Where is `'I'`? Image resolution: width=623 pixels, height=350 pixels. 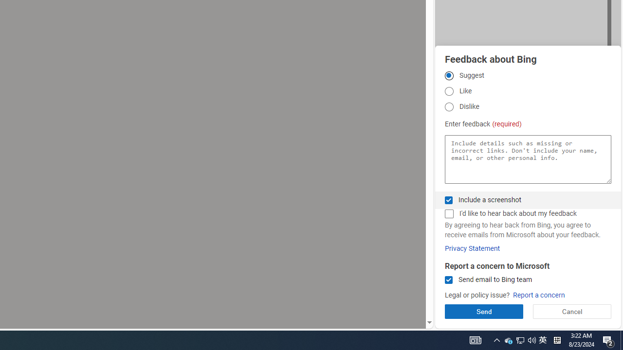
'I' is located at coordinates (448, 213).